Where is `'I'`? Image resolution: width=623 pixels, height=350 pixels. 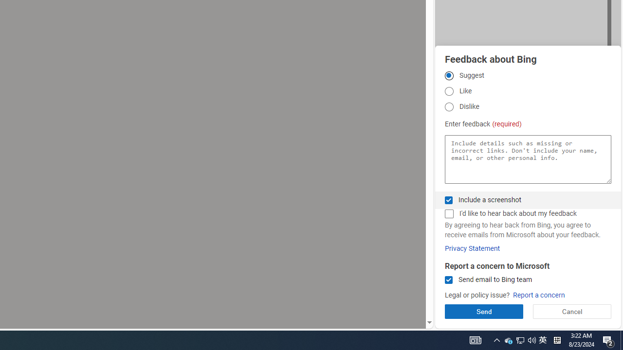
'I' is located at coordinates (448, 213).